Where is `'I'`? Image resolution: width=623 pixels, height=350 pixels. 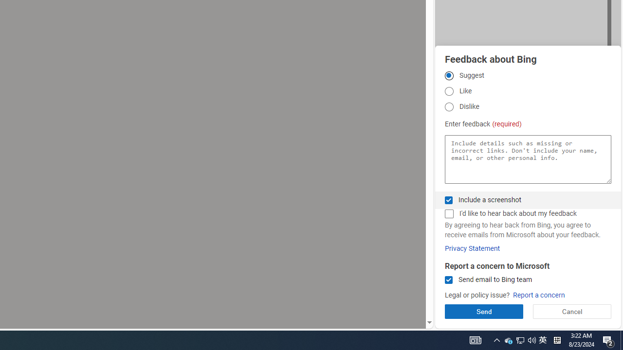
'I' is located at coordinates (448, 213).